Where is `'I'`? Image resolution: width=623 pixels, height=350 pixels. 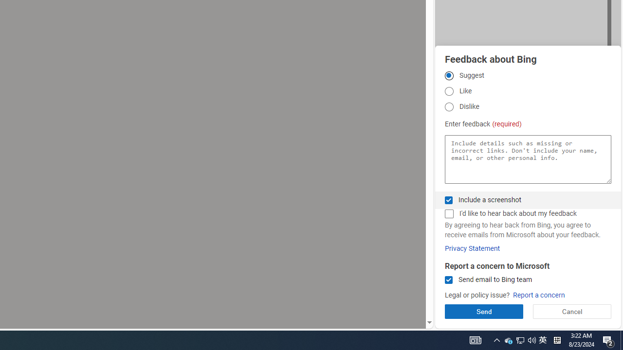
'I' is located at coordinates (448, 213).